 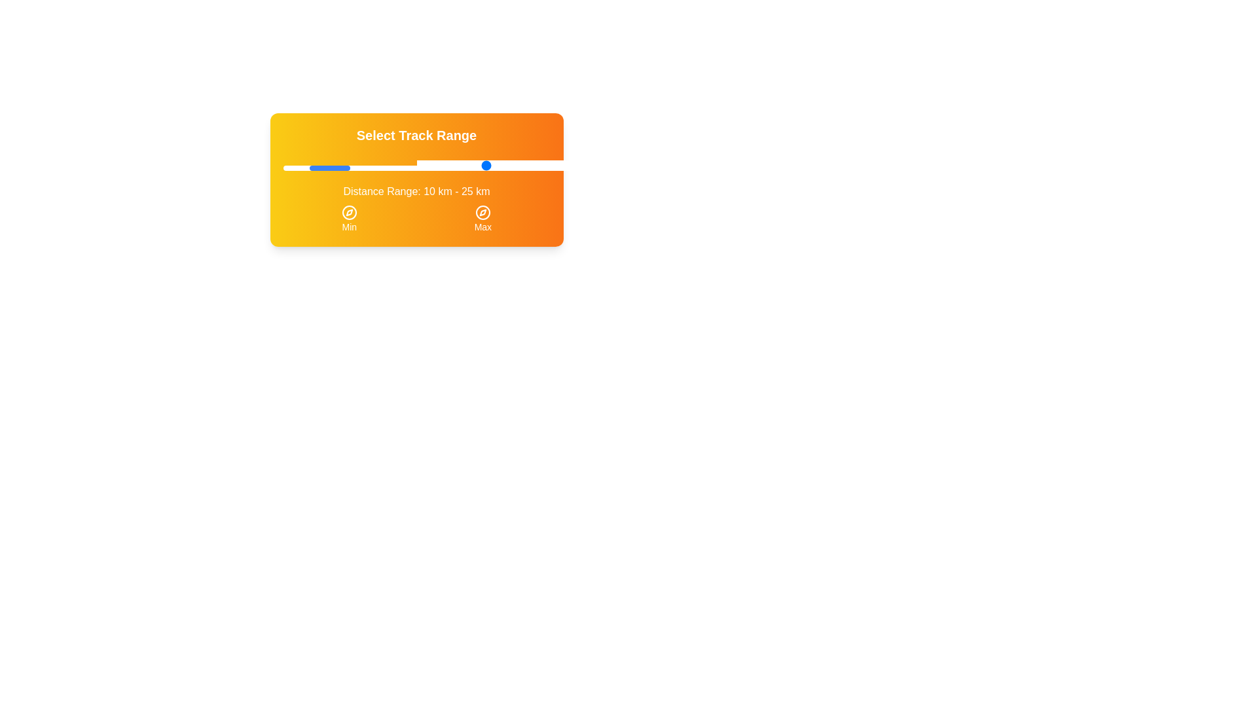 I want to click on the Label element with a compass icon and the text 'Min', which is styled in white and positioned below a progress bar in a gradient background of yellow to orange, so click(x=349, y=219).